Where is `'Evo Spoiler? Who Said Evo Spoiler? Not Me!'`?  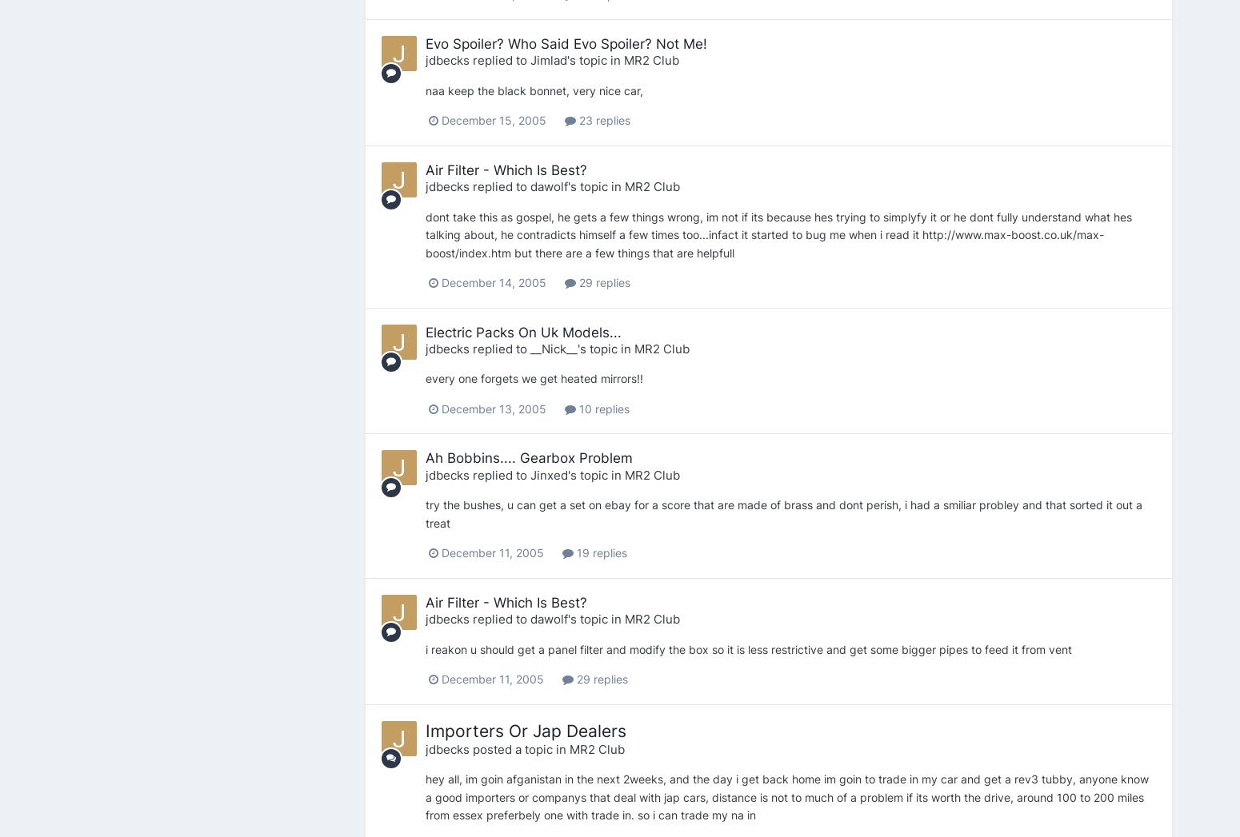 'Evo Spoiler? Who Said Evo Spoiler? Not Me!' is located at coordinates (565, 43).